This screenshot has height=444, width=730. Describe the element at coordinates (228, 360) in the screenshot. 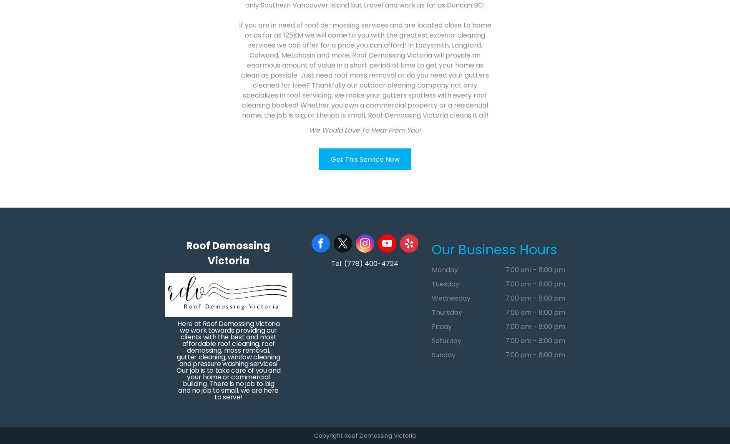

I see `'Here at Roof Demossing Victoria we work towards providing our clients with the best and most affordable roof cleaning, roof demossing, moss removal, gutter cleaning, window cleaning and pressure washing services! Our job is to take care of you and your home or commercial building. There is no job to big and no job to small, we are here to serve!'` at that location.